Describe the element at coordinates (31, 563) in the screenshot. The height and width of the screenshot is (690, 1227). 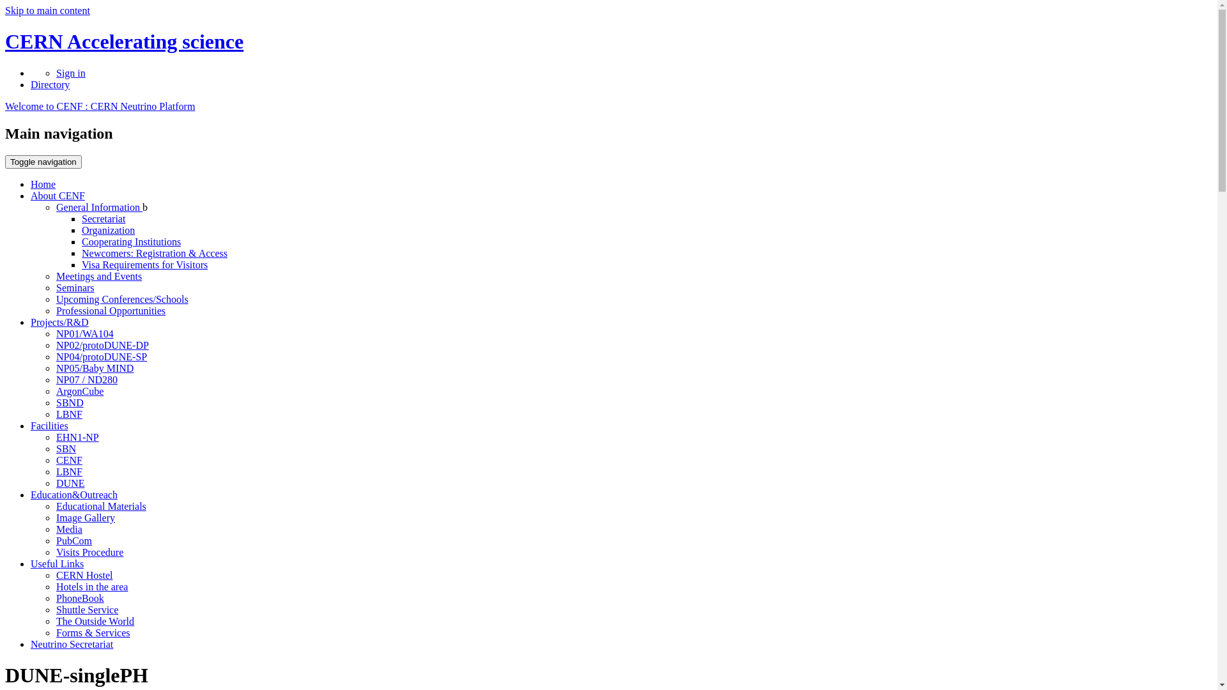
I see `'Useful Links'` at that location.